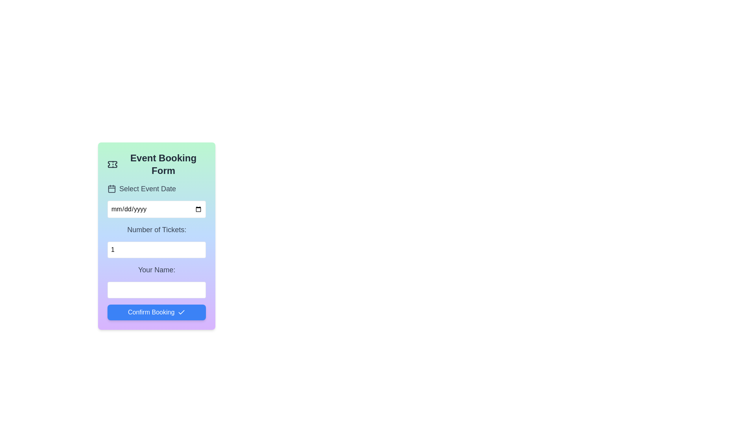 The image size is (756, 425). Describe the element at coordinates (157, 236) in the screenshot. I see `the interactive elements of the composite form component for booking an event, which includes input fields and a confirmation button` at that location.